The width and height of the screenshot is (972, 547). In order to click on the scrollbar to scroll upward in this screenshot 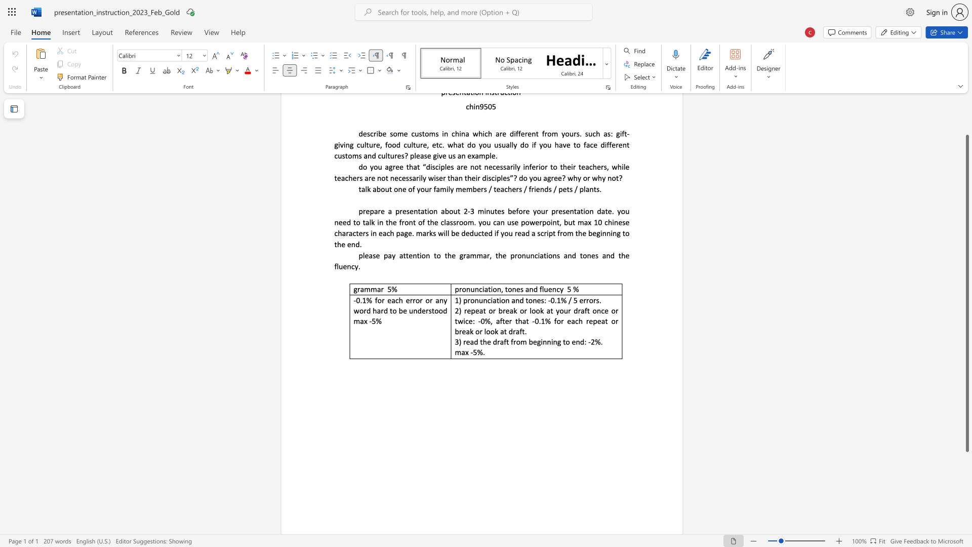, I will do `click(966, 116)`.